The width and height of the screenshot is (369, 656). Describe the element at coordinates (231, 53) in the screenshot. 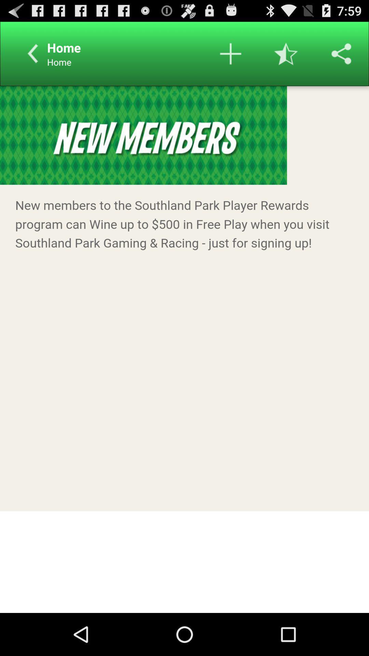

I see `item option` at that location.